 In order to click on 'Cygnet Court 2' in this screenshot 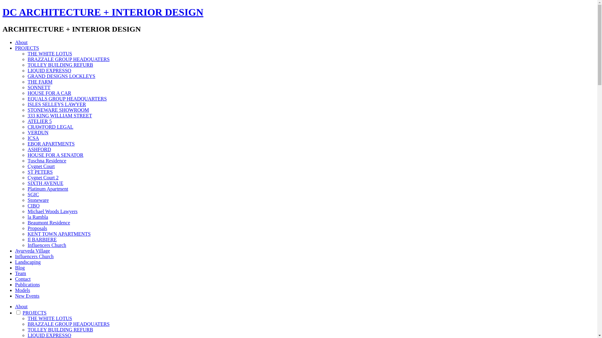, I will do `click(43, 177)`.